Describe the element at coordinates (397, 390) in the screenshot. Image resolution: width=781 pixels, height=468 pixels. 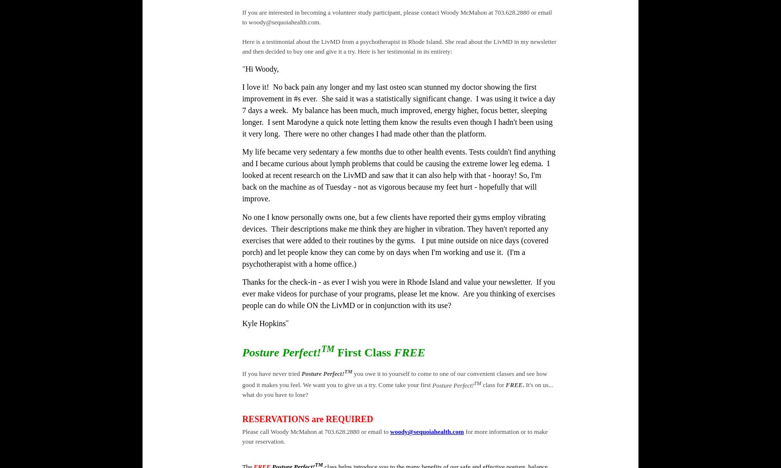
I see `'It's on us... what do you have to lose?'` at that location.